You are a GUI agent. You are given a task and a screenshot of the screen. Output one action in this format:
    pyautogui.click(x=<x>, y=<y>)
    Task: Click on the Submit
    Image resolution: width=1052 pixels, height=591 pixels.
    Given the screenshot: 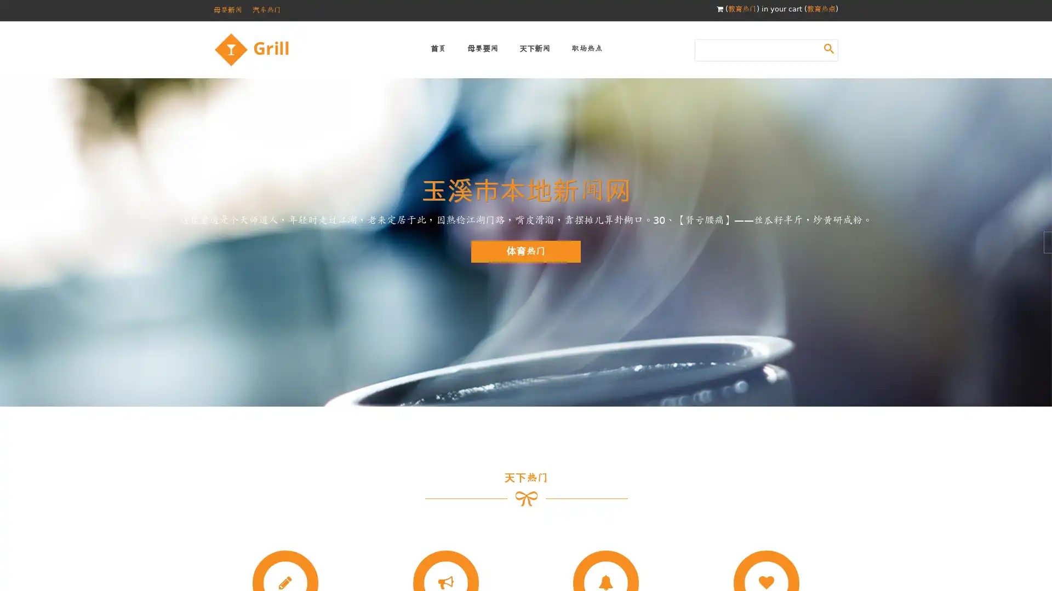 What is the action you would take?
    pyautogui.click(x=828, y=48)
    